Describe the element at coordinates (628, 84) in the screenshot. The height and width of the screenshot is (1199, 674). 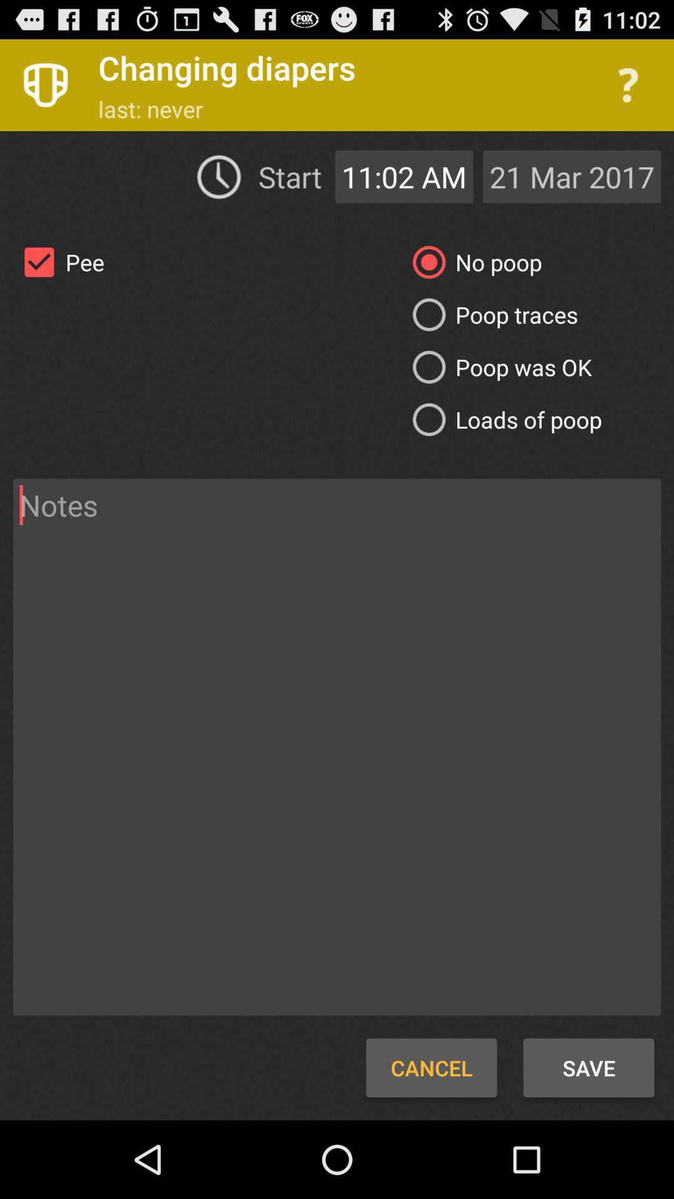
I see `item to the right of changing diapers` at that location.